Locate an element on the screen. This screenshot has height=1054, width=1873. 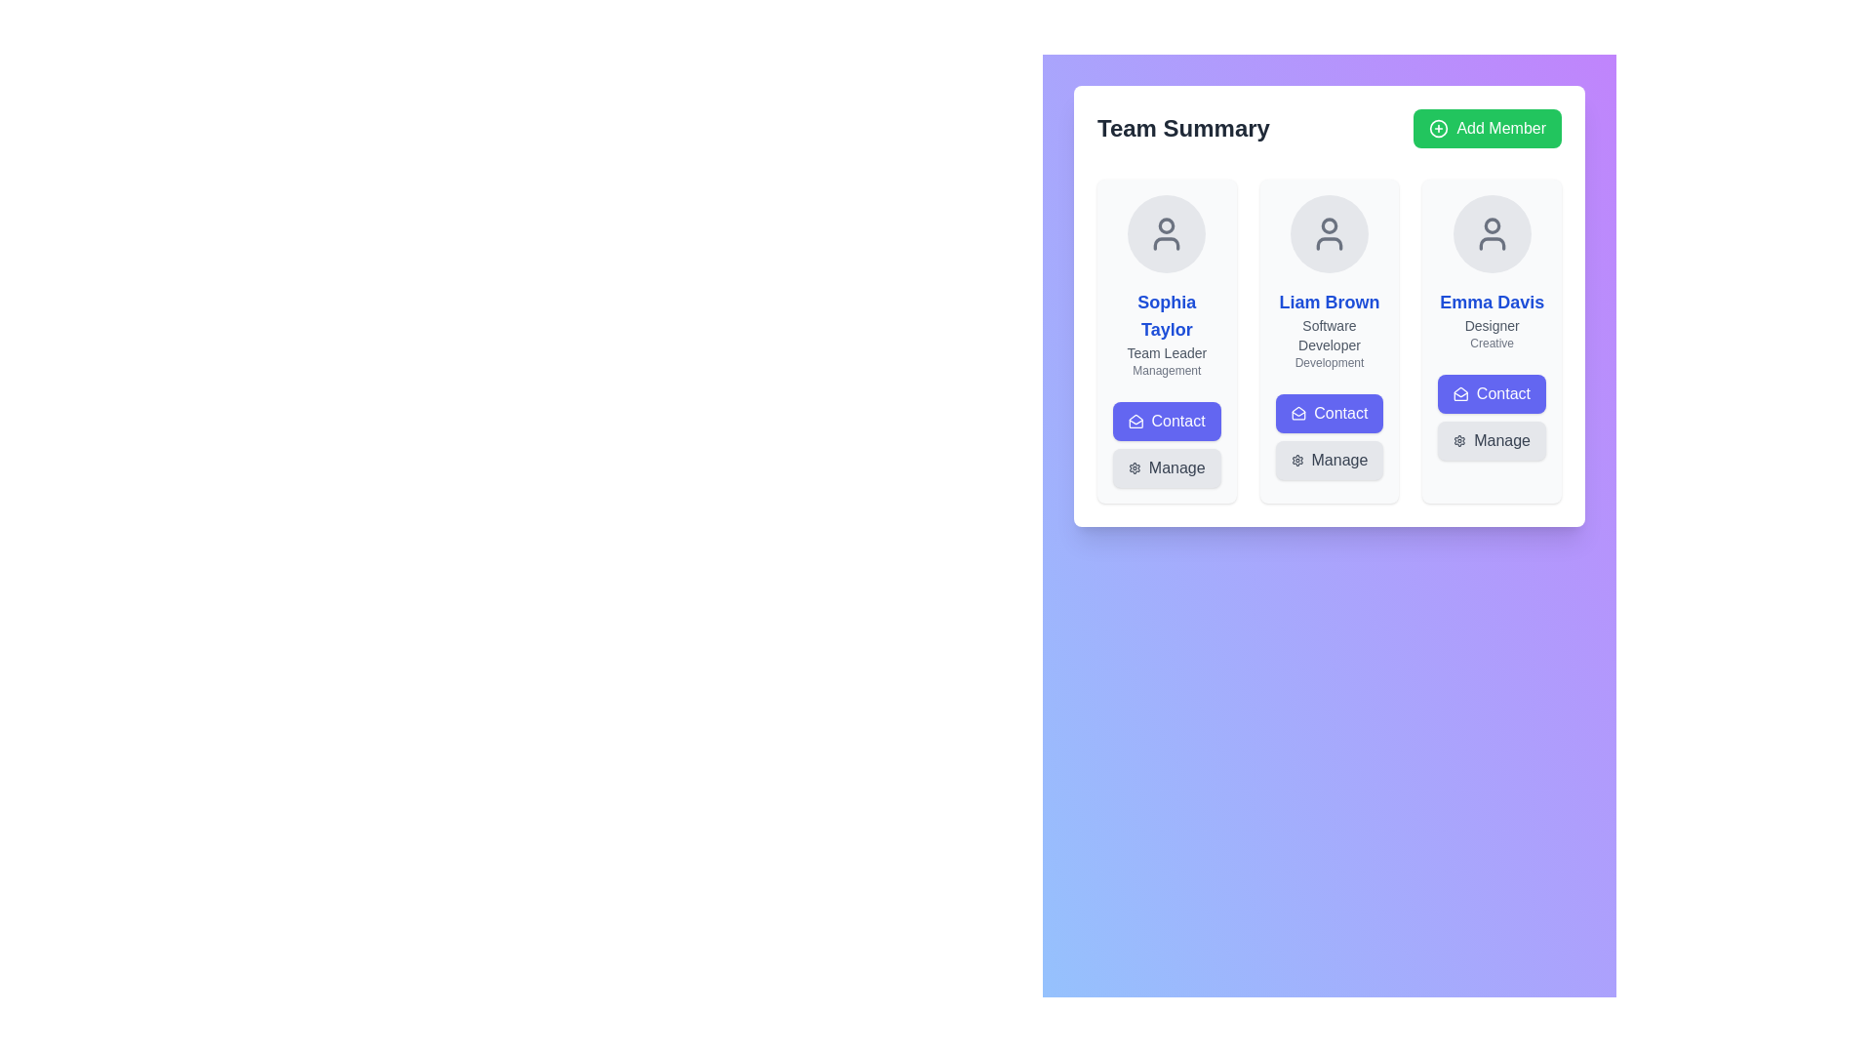
the profile picture placeholder icon above the name 'Liam Brown' and the title 'Software Developer' in the middle profile card is located at coordinates (1329, 232).